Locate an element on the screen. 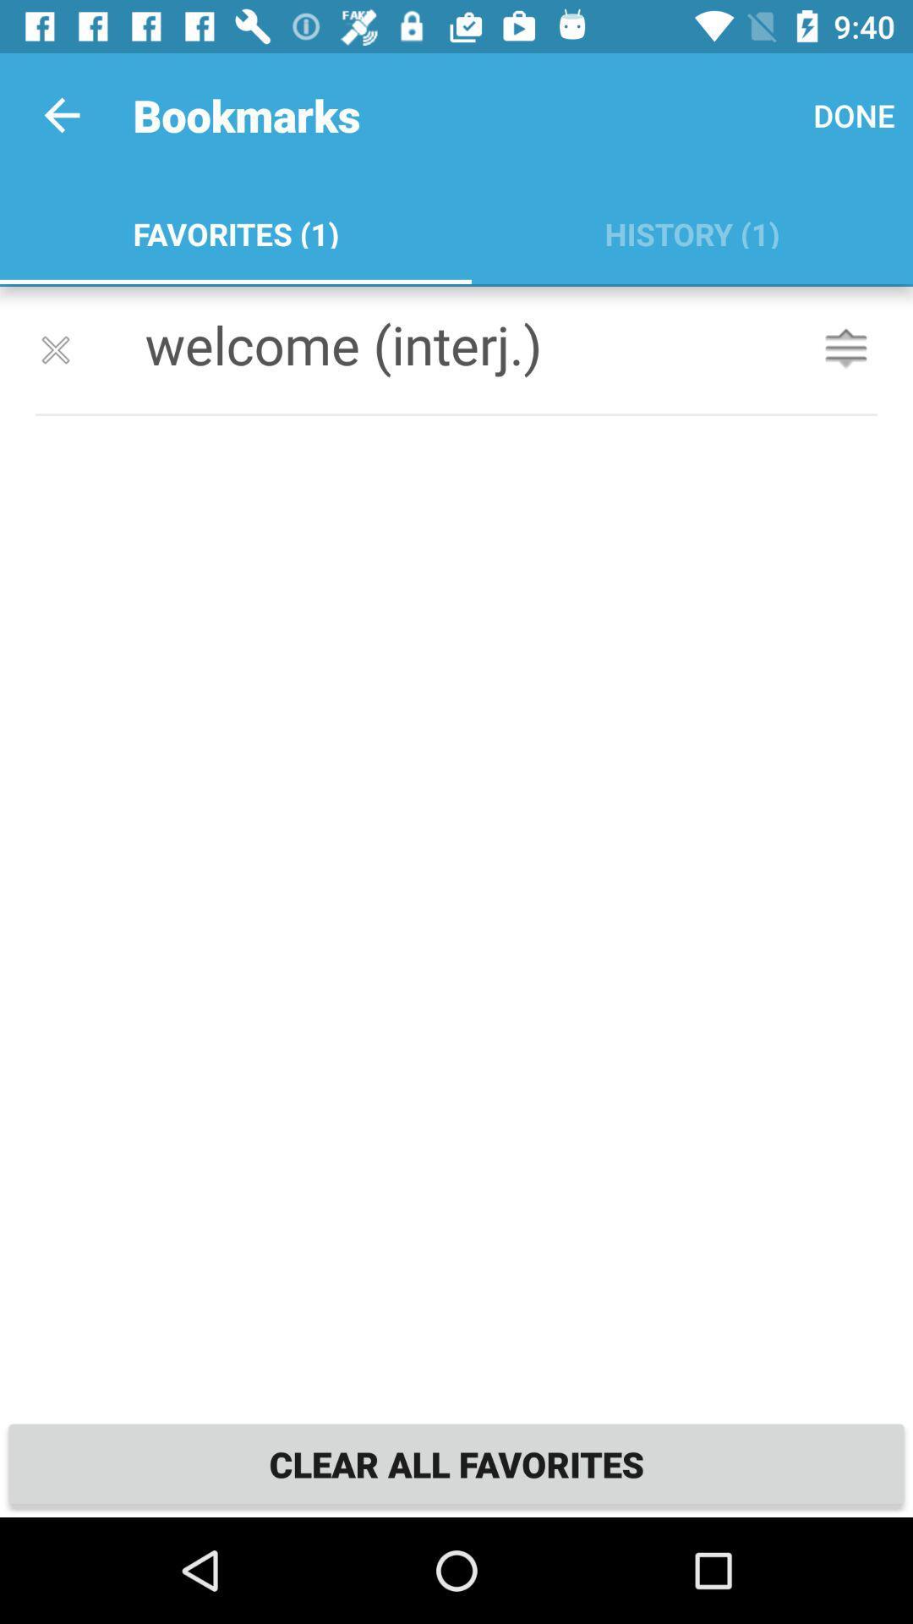 This screenshot has height=1624, width=913. the app next to favorites (1) is located at coordinates (854, 114).